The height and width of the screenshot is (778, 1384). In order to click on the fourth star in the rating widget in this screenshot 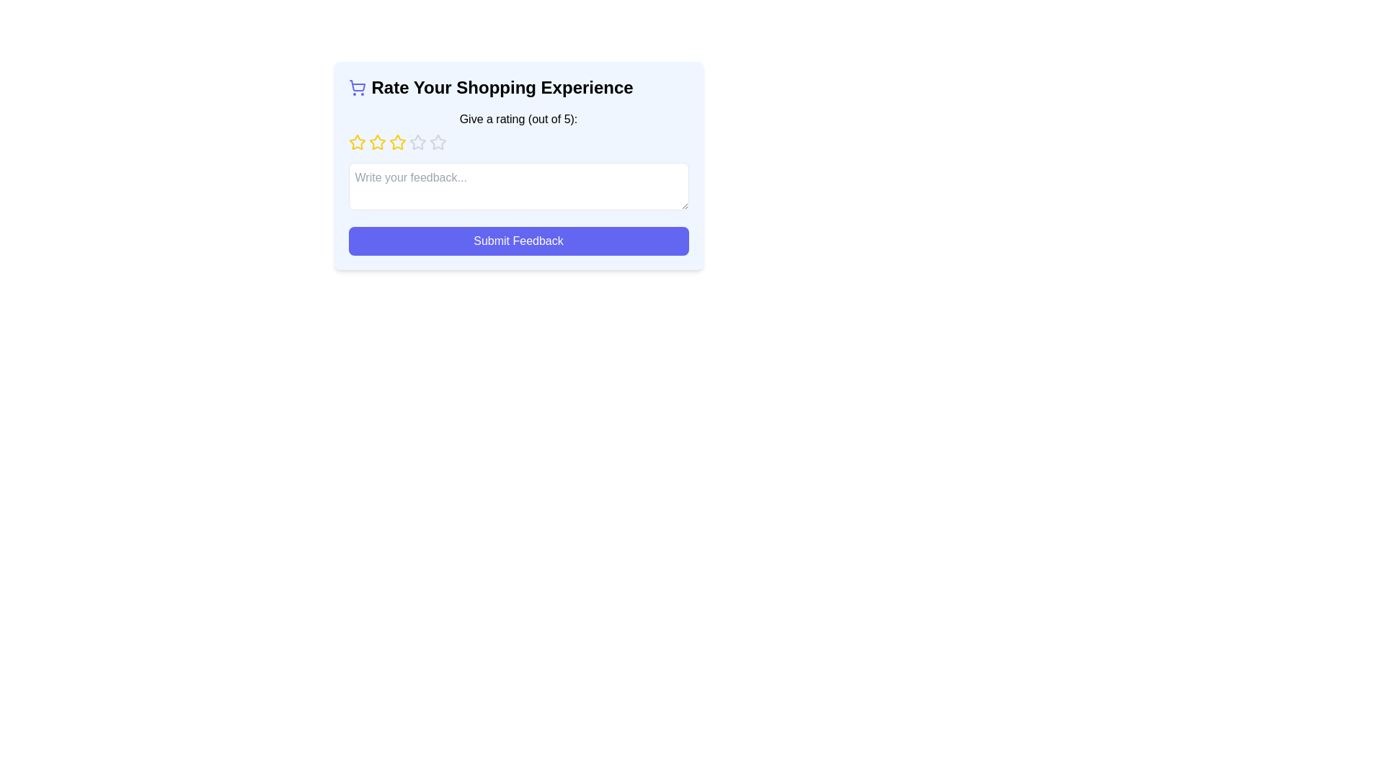, I will do `click(417, 142)`.